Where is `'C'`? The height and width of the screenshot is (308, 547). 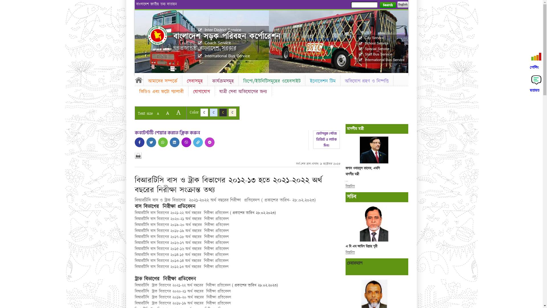
'C' is located at coordinates (223, 112).